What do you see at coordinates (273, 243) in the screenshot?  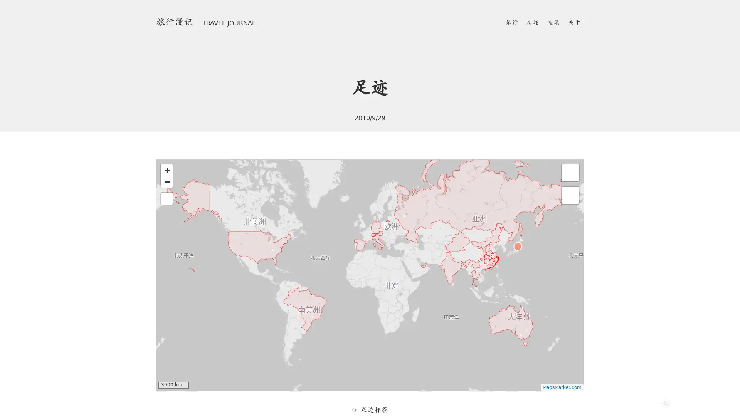 I see `2` at bounding box center [273, 243].